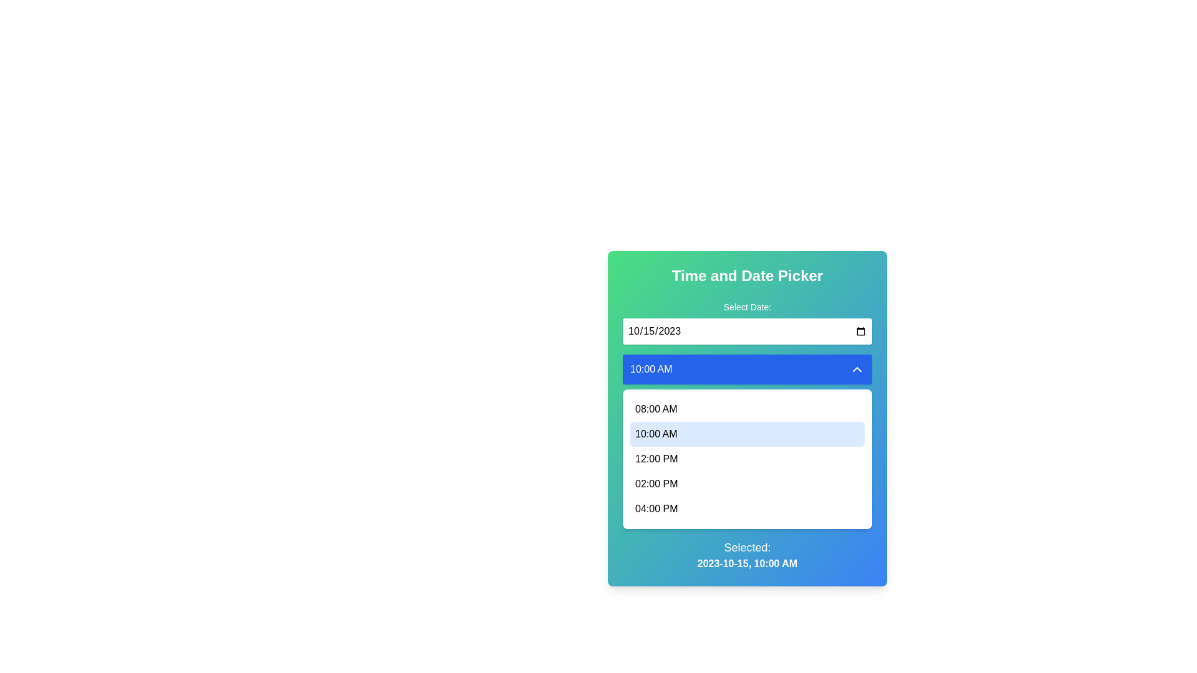 This screenshot has width=1197, height=673. I want to click on the dropdown menu containing time options, so click(748, 459).